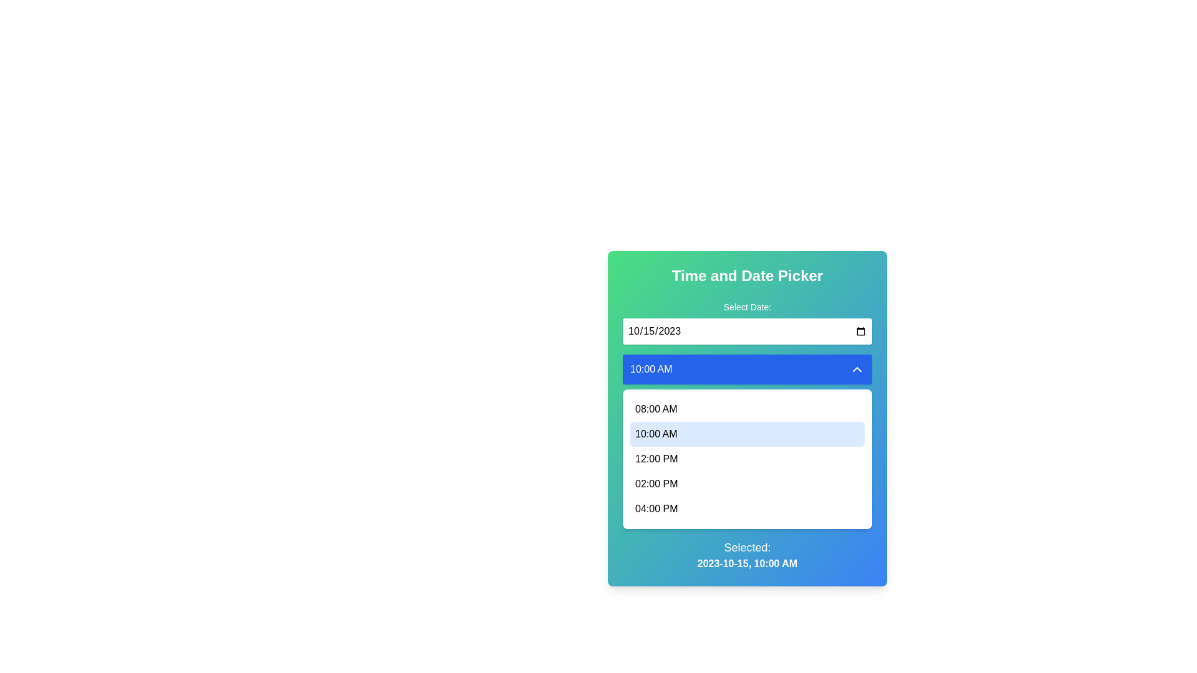 This screenshot has width=1197, height=673. I want to click on the dropdown menu containing time options, so click(748, 459).